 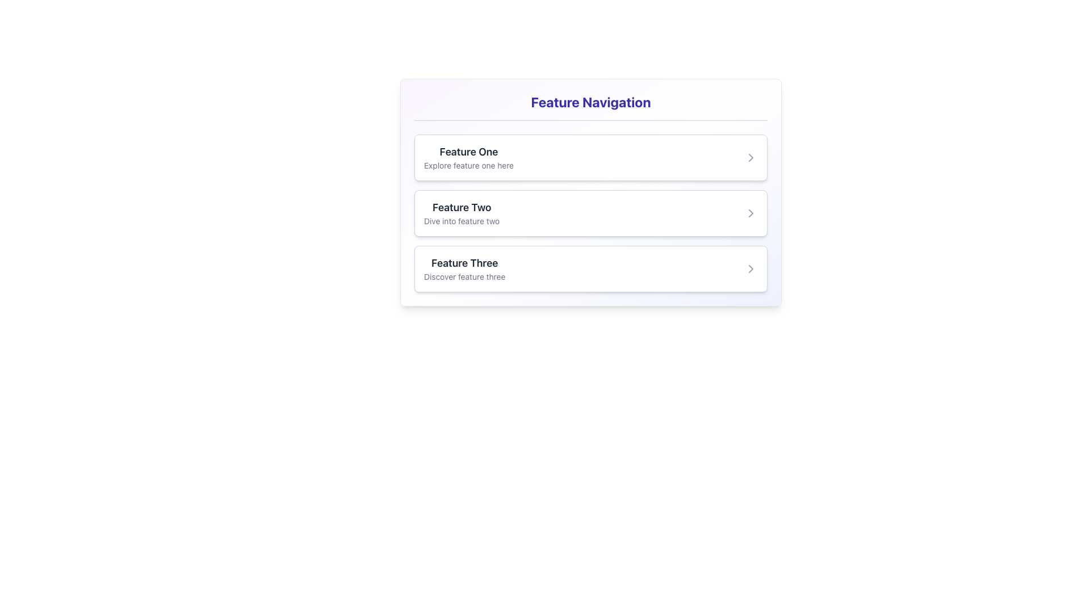 I want to click on the Chevron icon indicating navigation located on the far right side of the 'Feature Two' list item, so click(x=751, y=213).